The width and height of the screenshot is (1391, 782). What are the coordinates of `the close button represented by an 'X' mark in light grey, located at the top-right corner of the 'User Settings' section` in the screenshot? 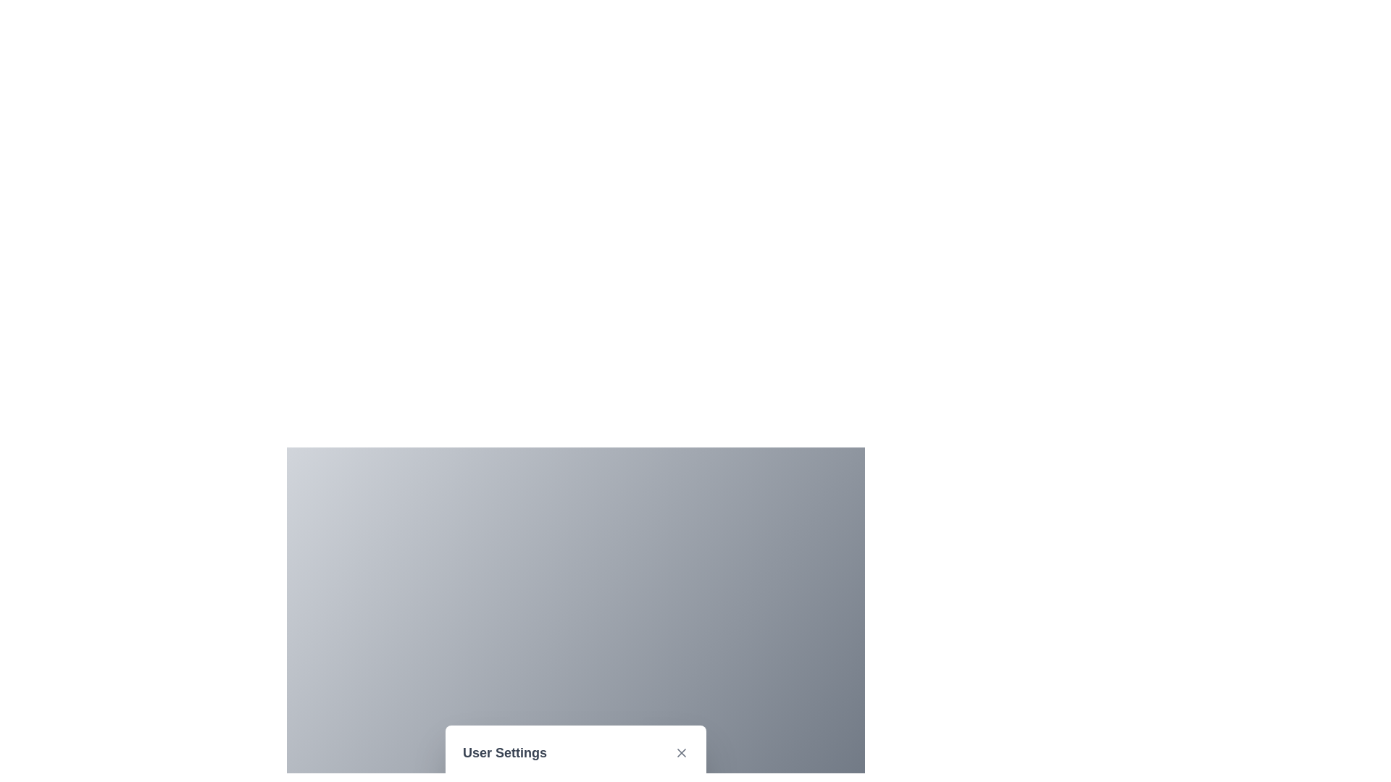 It's located at (680, 752).